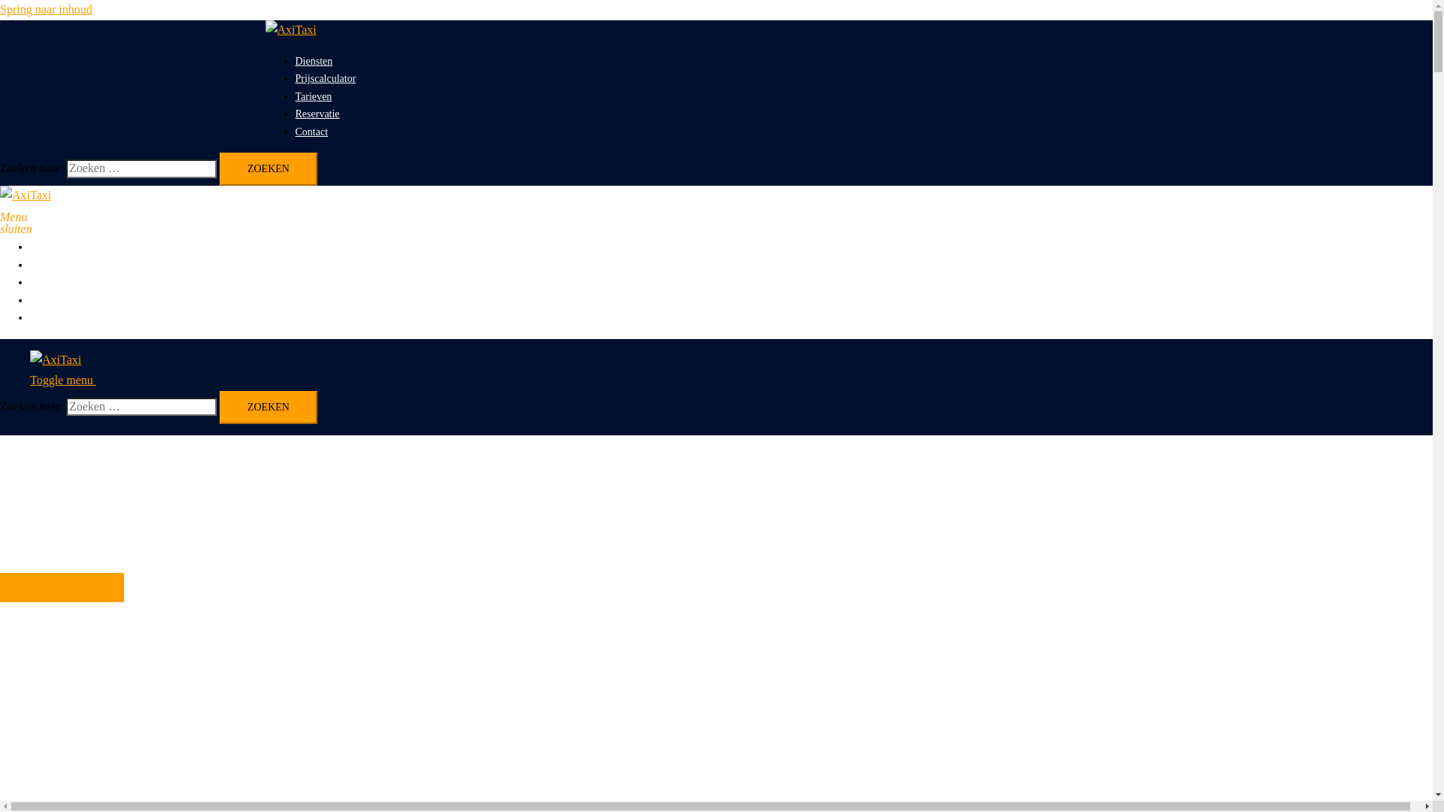 This screenshot has width=1444, height=812. Describe the element at coordinates (55, 359) in the screenshot. I see `'AxiTaxi'` at that location.